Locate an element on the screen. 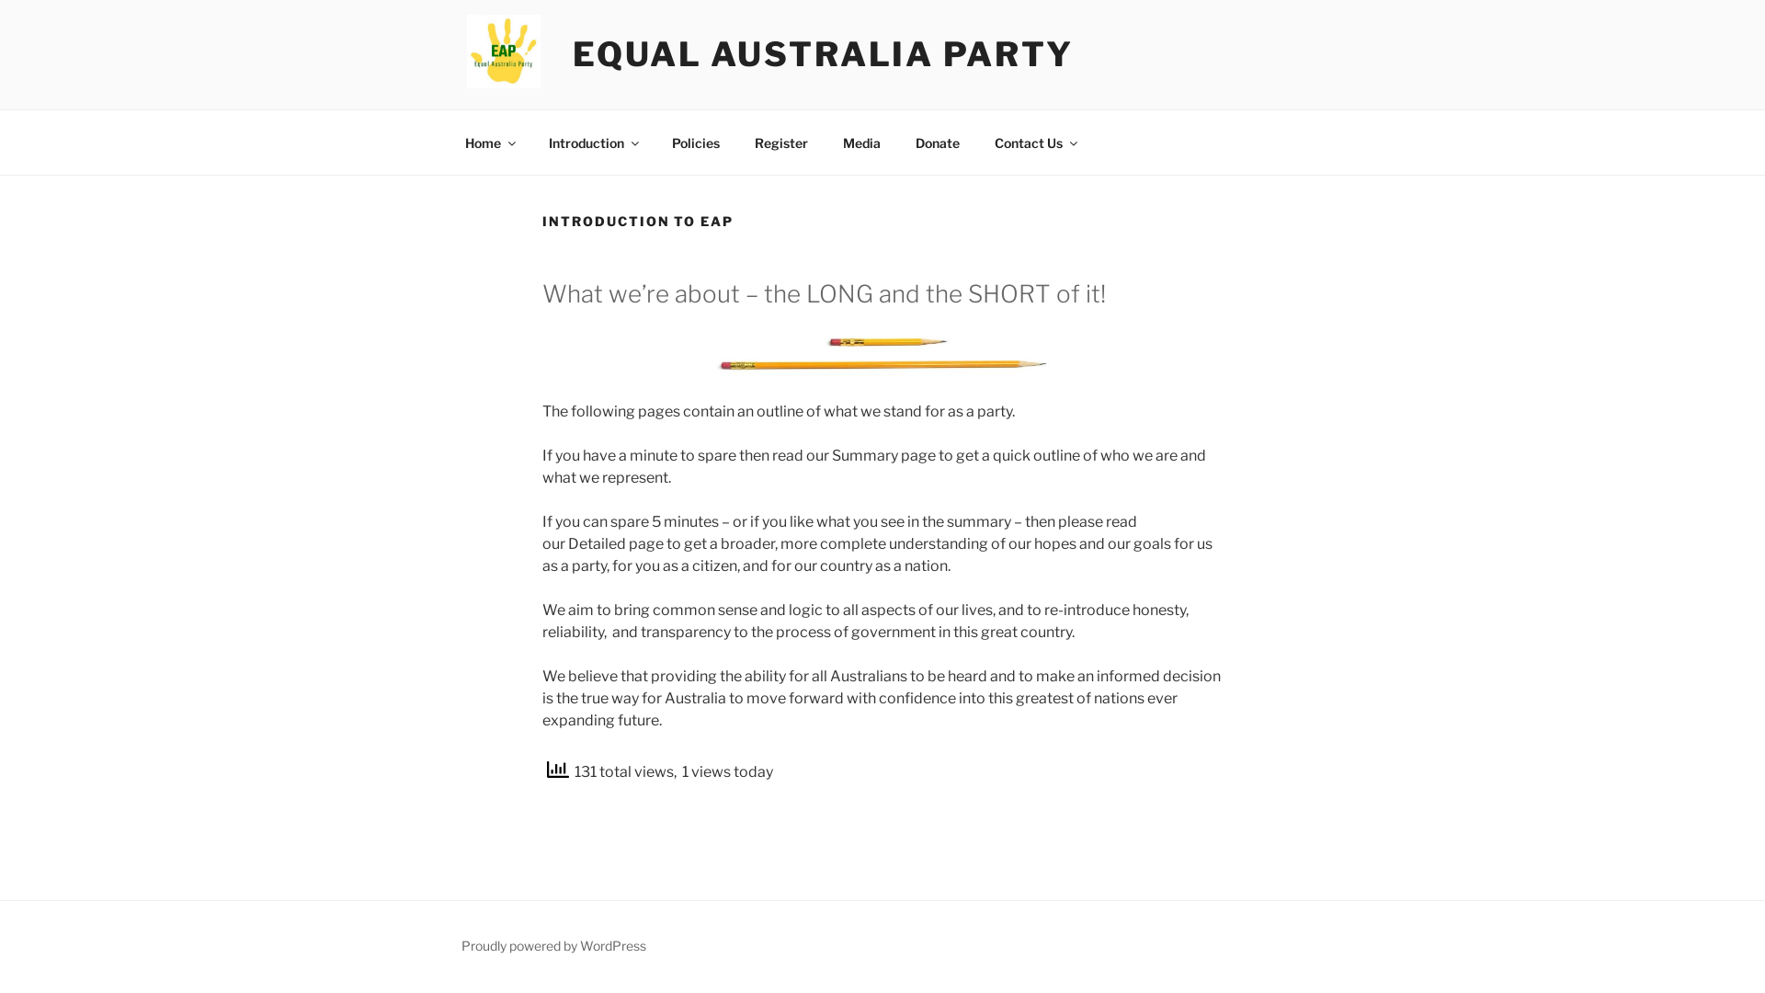 The image size is (1765, 993). 'Policies' is located at coordinates (694, 141).